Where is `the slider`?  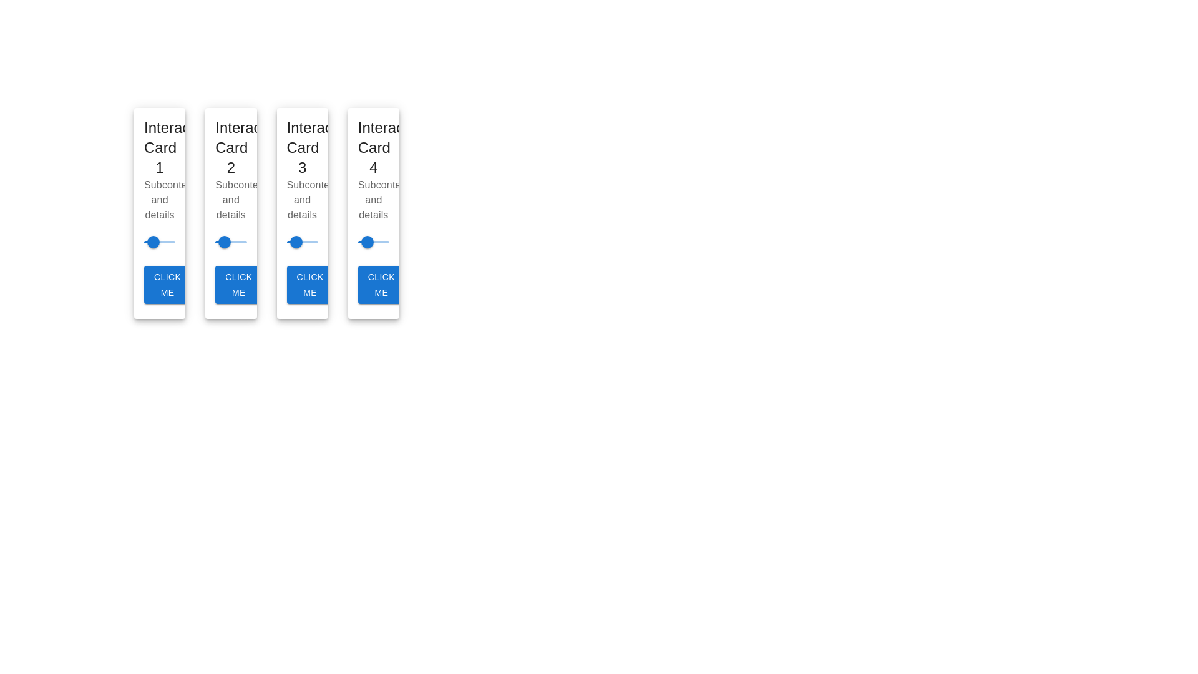 the slider is located at coordinates (162, 242).